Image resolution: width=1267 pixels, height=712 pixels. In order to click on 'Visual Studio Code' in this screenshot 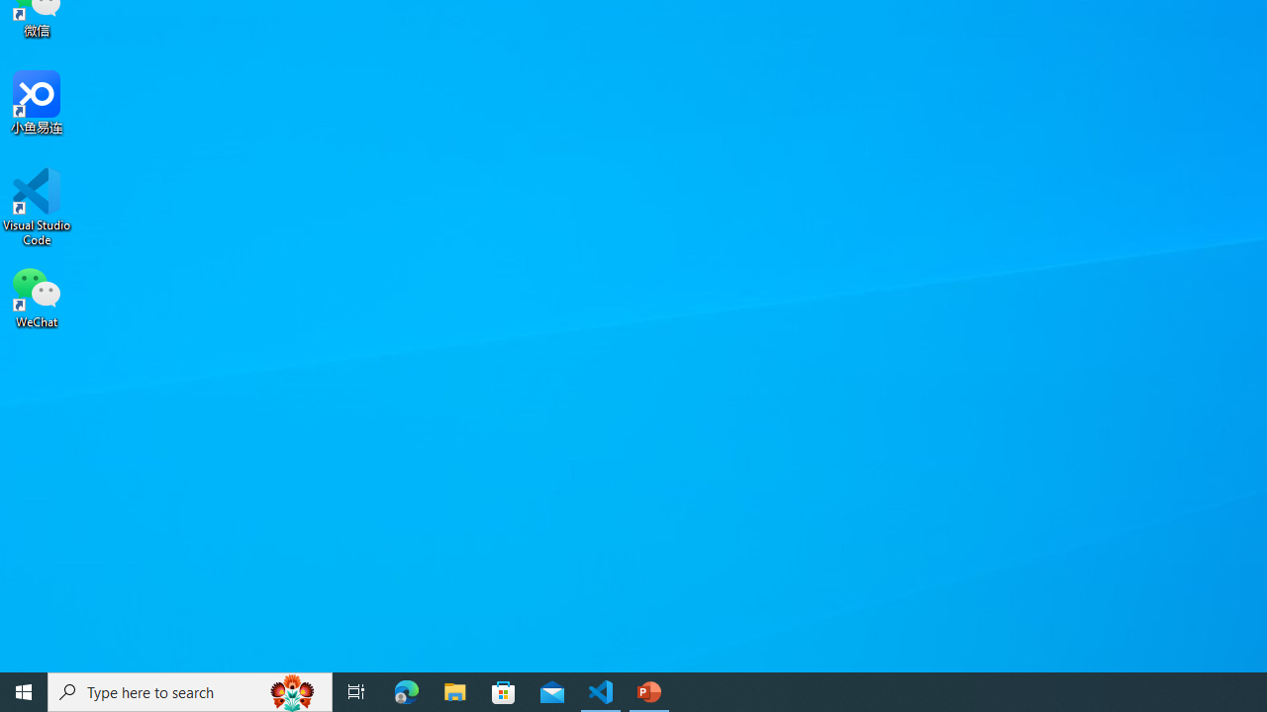, I will do `click(37, 207)`.